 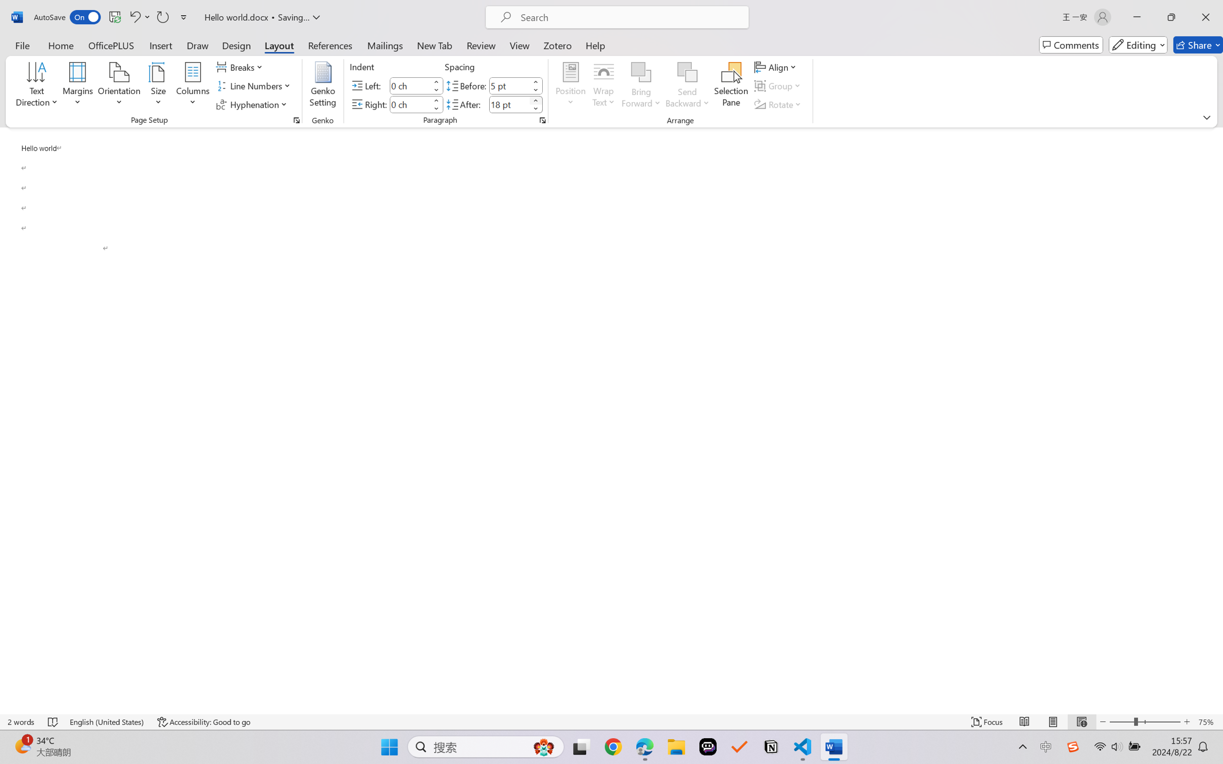 What do you see at coordinates (987, 722) in the screenshot?
I see `'Focus '` at bounding box center [987, 722].